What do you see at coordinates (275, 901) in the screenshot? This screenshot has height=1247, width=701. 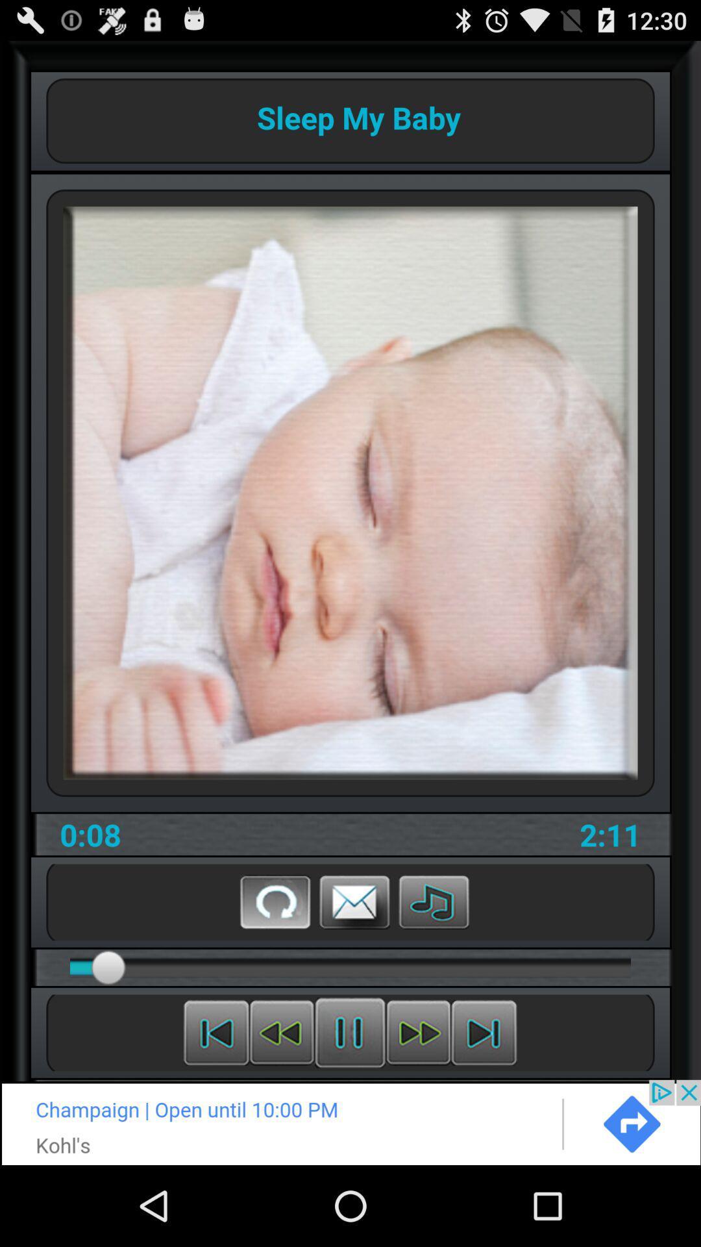 I see `replay sound` at bounding box center [275, 901].